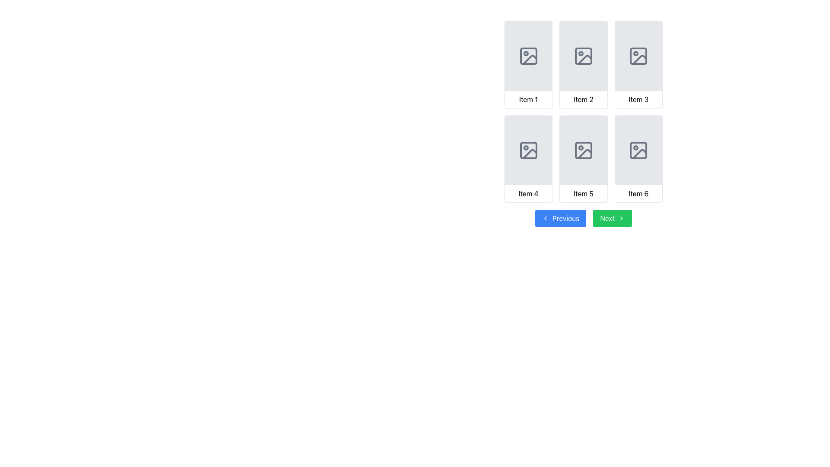 This screenshot has width=830, height=467. What do you see at coordinates (583, 150) in the screenshot?
I see `the small rectangular Decorative SVG shape with slightly rounded corners located inside the image icon of the fifth item in a six-item grid` at bounding box center [583, 150].